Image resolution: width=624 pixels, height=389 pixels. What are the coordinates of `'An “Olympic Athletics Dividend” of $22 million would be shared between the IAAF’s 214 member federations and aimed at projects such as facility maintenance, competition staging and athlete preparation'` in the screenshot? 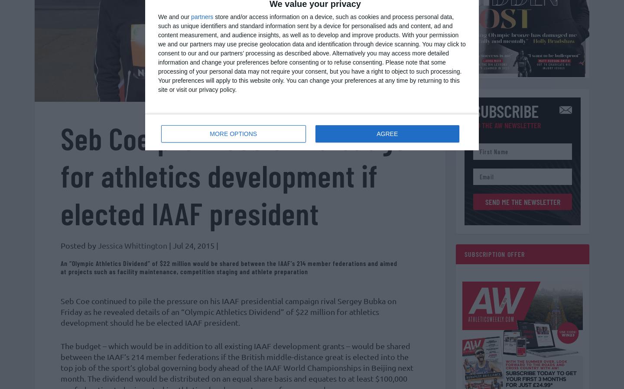 It's located at (228, 271).